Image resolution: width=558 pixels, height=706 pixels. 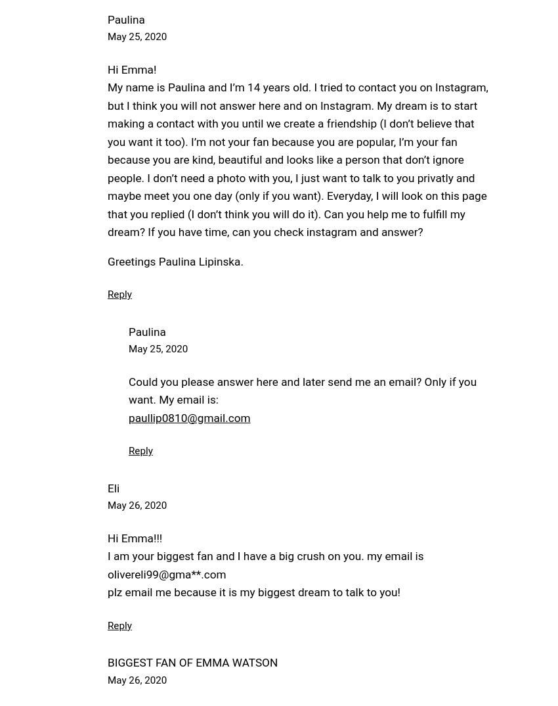 I want to click on 'I am your biggest fan and I have a big crush on you. my email is olivereli99@gma**.com', so click(x=107, y=565).